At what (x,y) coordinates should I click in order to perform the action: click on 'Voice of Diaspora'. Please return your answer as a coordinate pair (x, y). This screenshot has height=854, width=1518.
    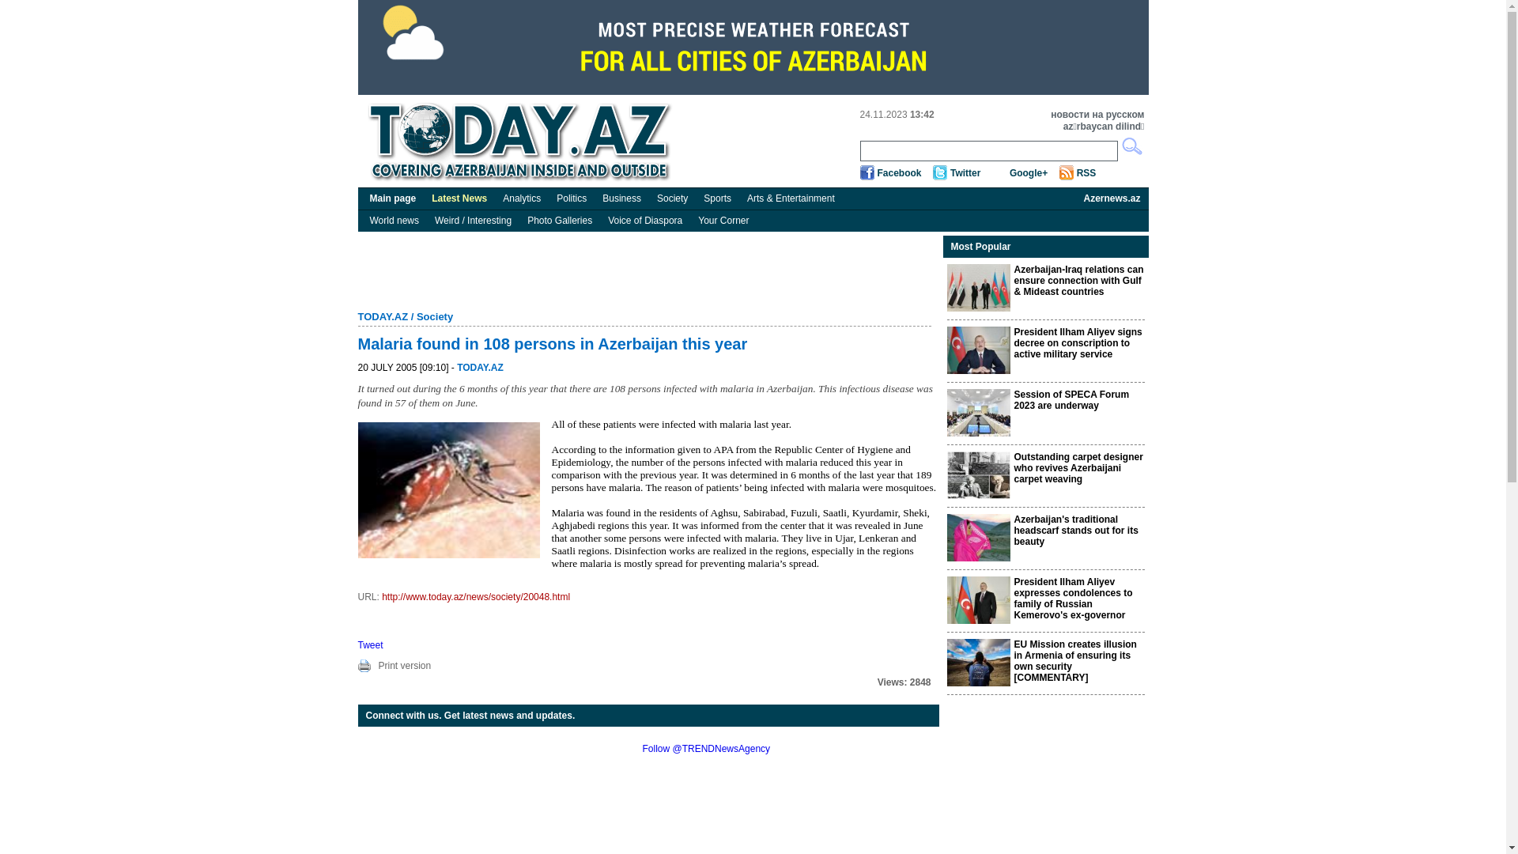
    Looking at the image, I should click on (599, 220).